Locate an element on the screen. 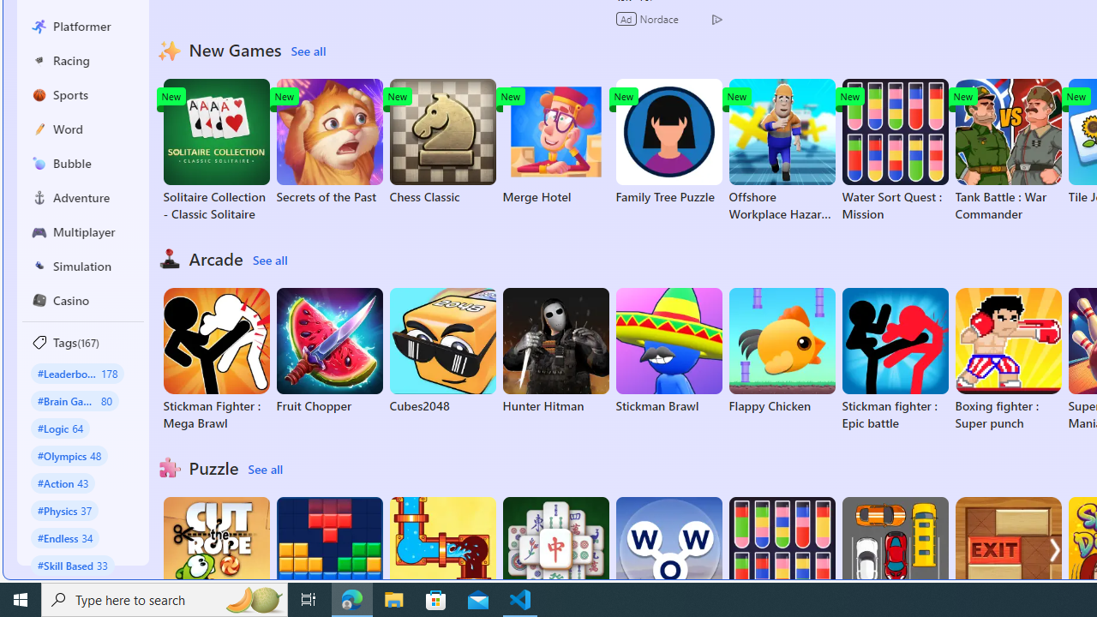 This screenshot has width=1097, height=617. 'Solitaire Collection - Classic Solitaire' is located at coordinates (215, 150).